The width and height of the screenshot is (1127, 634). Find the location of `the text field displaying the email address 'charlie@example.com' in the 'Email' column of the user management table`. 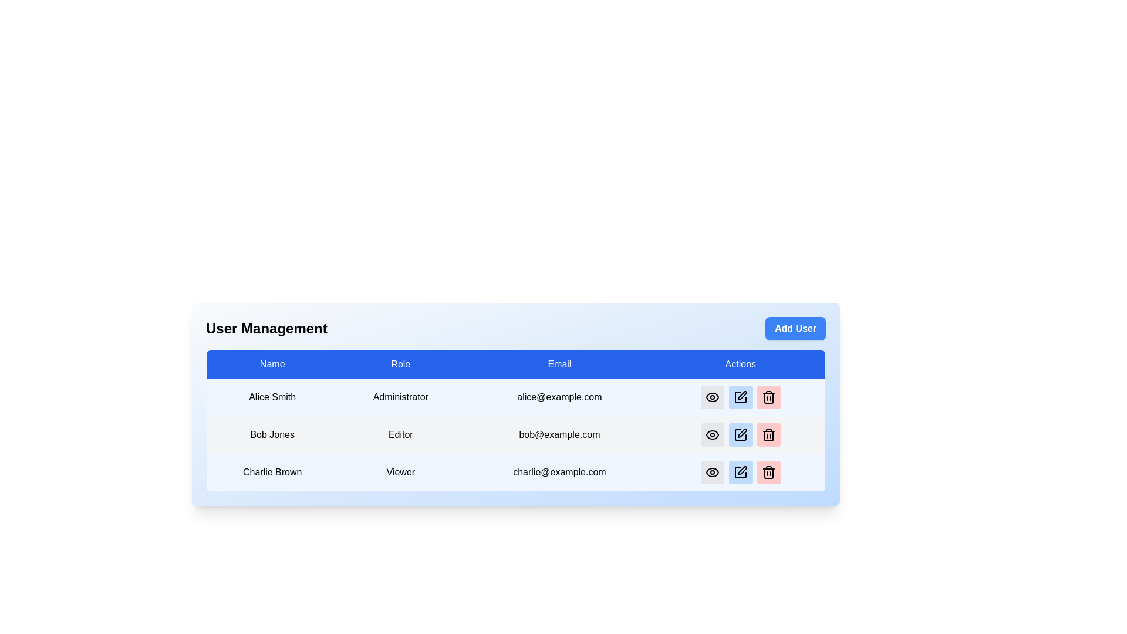

the text field displaying the email address 'charlie@example.com' in the 'Email' column of the user management table is located at coordinates (559, 472).